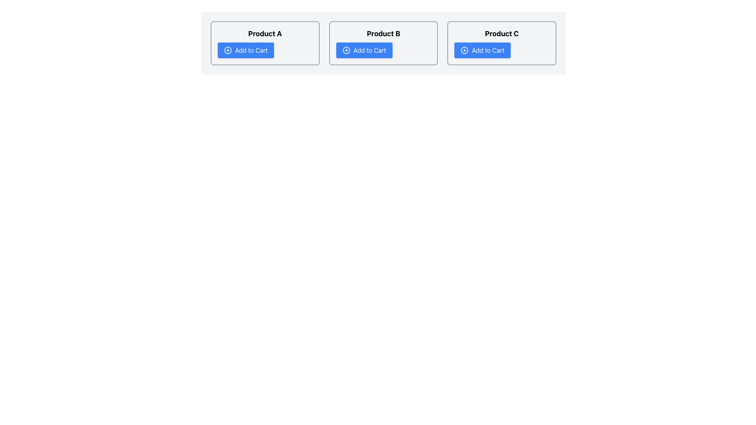  I want to click on the graphical indicator icon for the 'Add to Cart' button of 'Product B', so click(346, 50).